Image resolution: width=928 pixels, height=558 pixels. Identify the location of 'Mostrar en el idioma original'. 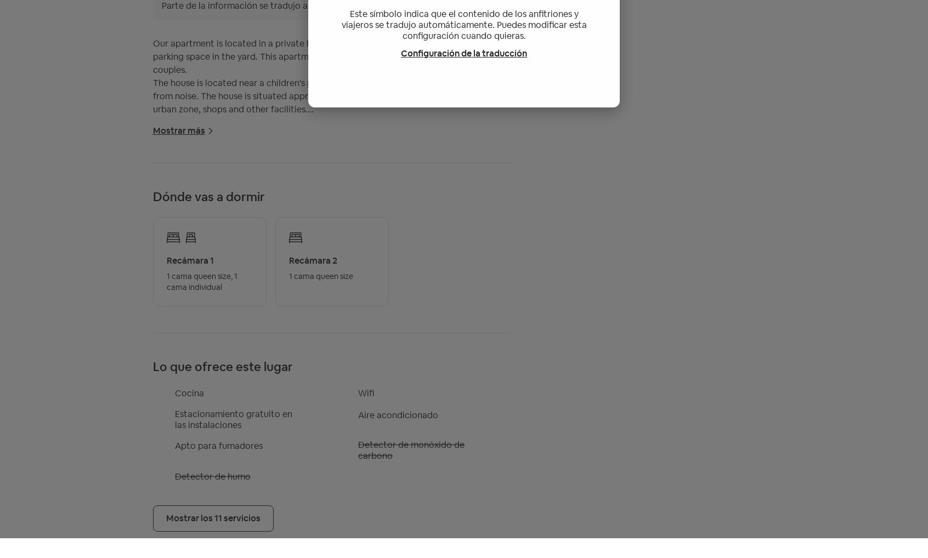
(438, 5).